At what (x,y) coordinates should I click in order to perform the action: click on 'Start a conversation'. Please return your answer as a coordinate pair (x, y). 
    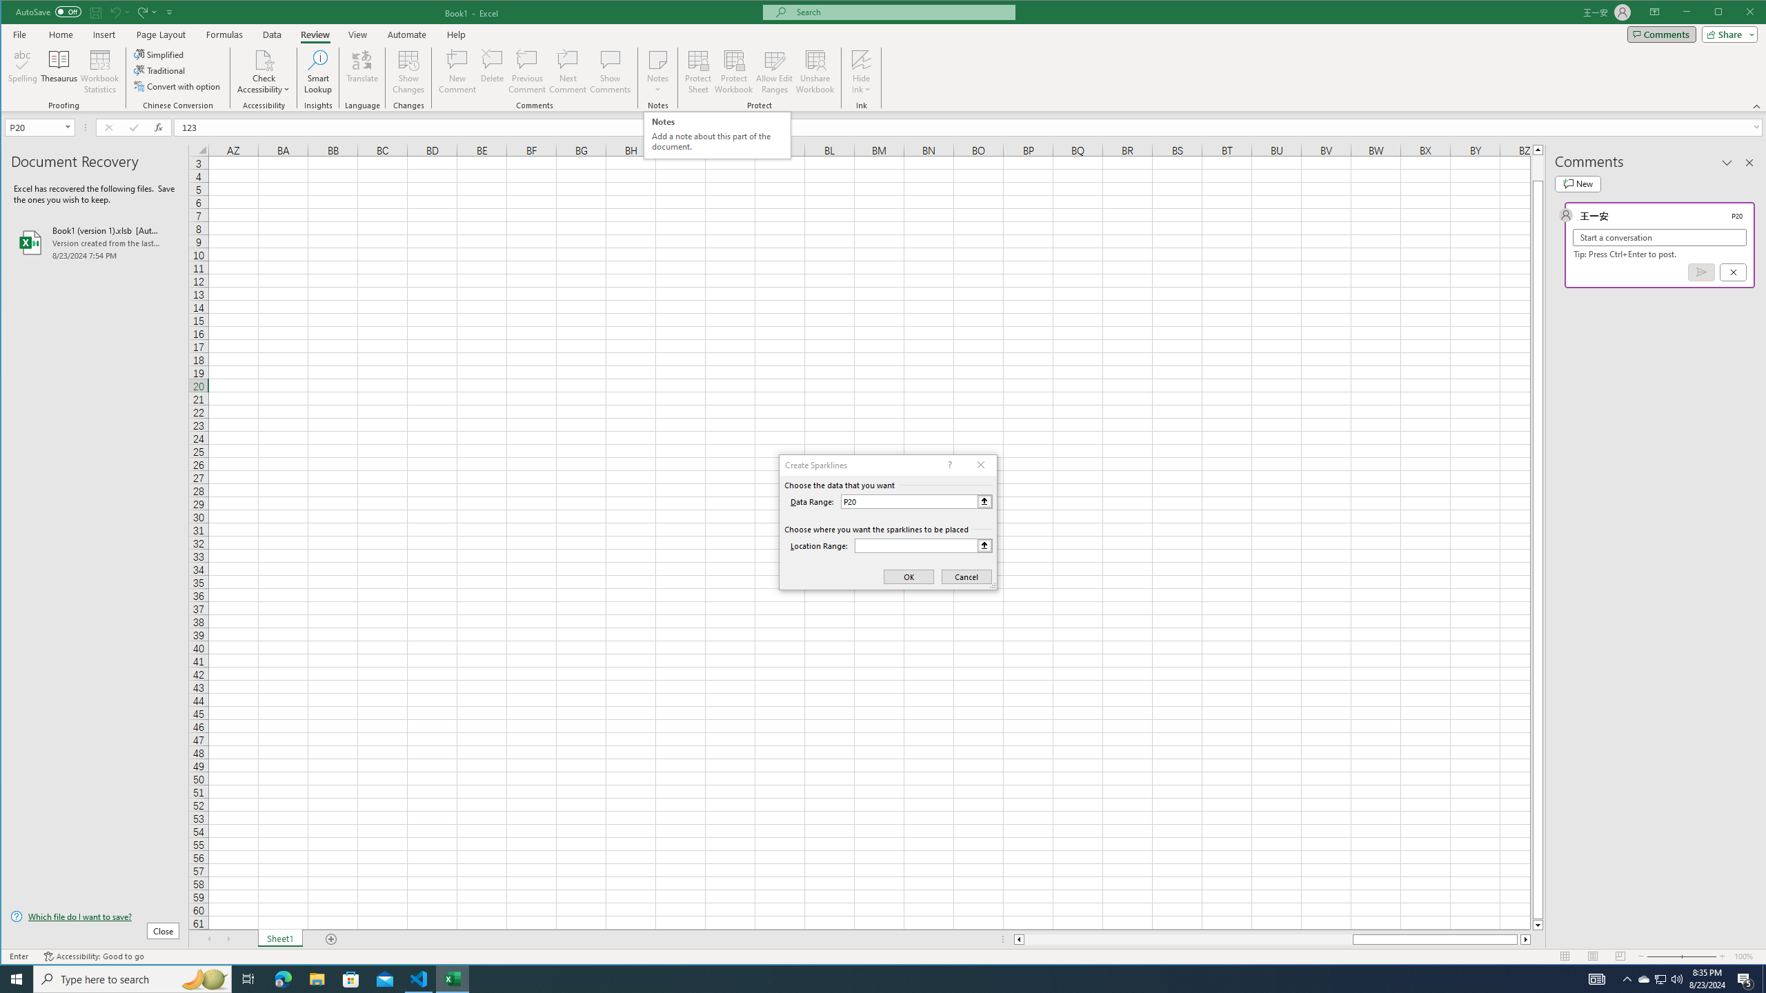
    Looking at the image, I should click on (1659, 237).